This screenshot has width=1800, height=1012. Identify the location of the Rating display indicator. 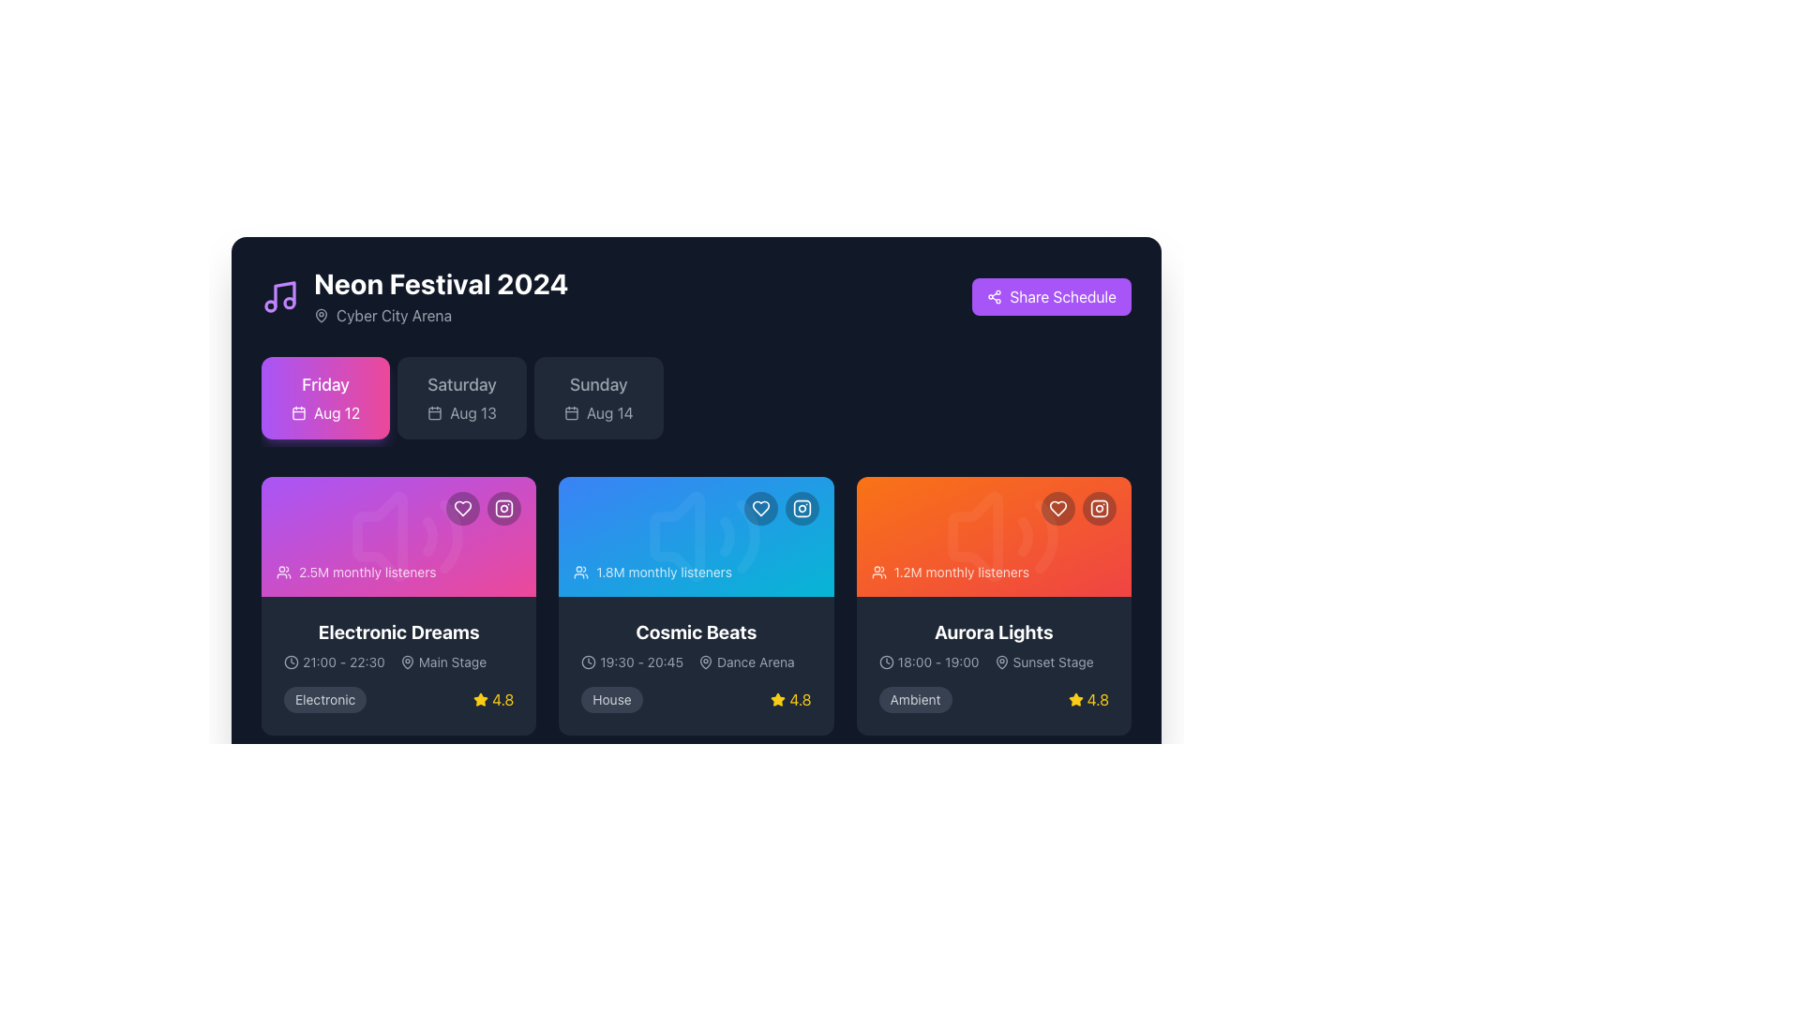
(791, 700).